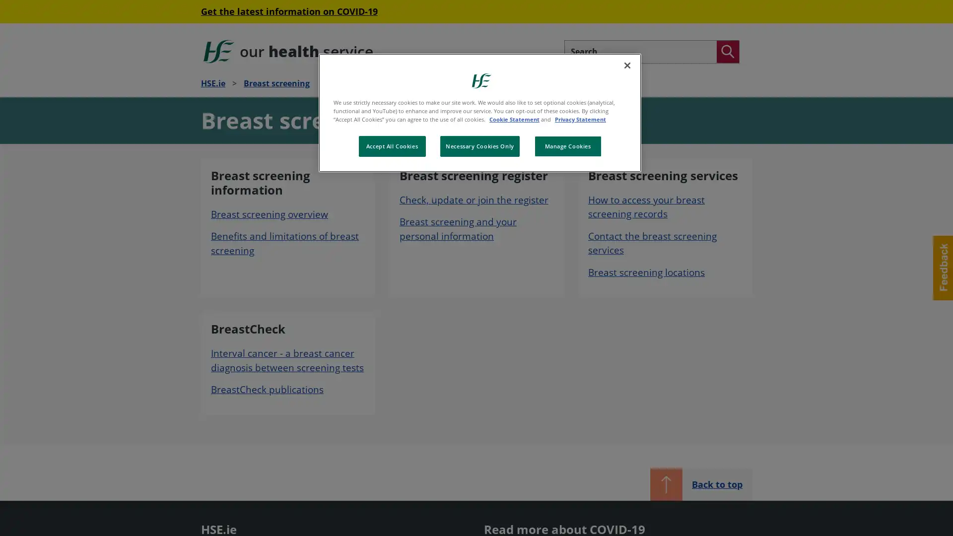  I want to click on Accept All Cookies, so click(391, 146).